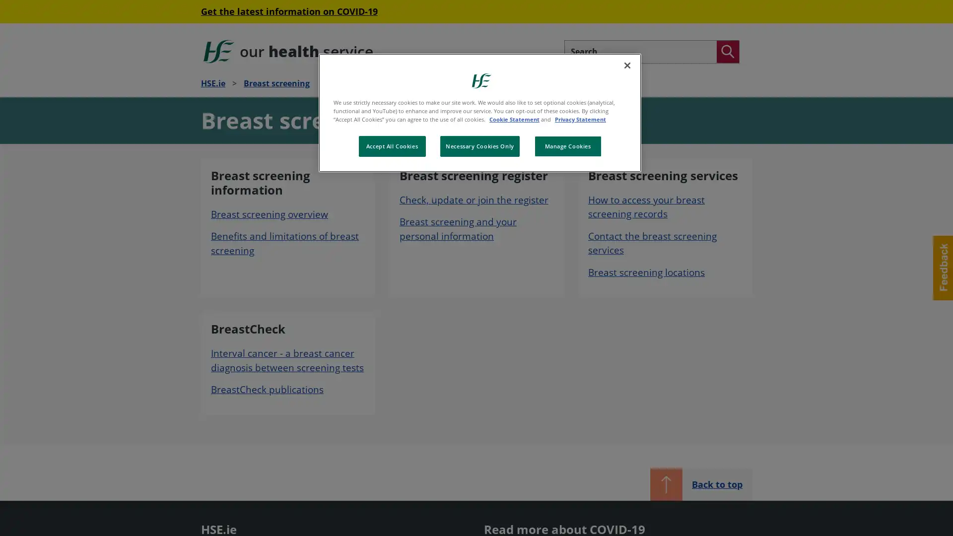  I want to click on Accept All Cookies, so click(391, 146).